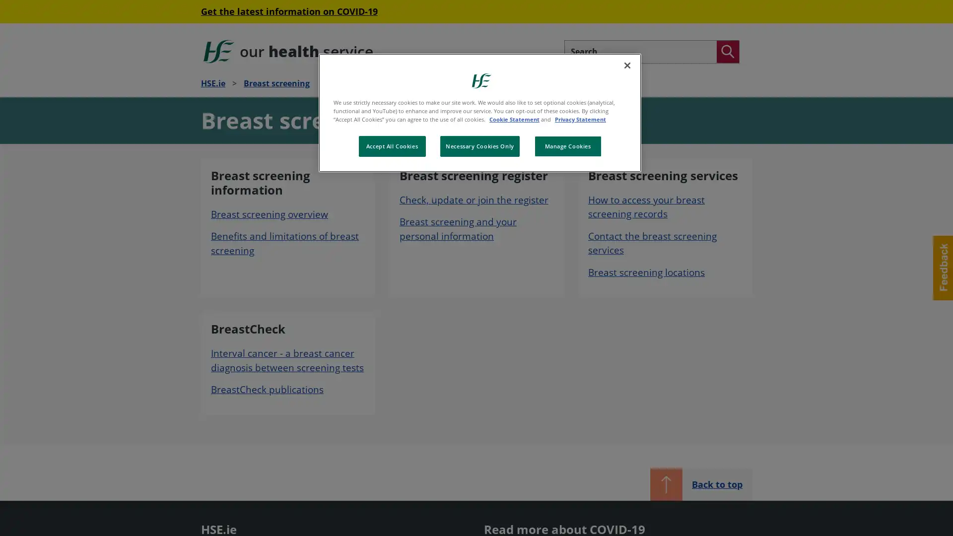  I want to click on Accept All Cookies, so click(391, 146).